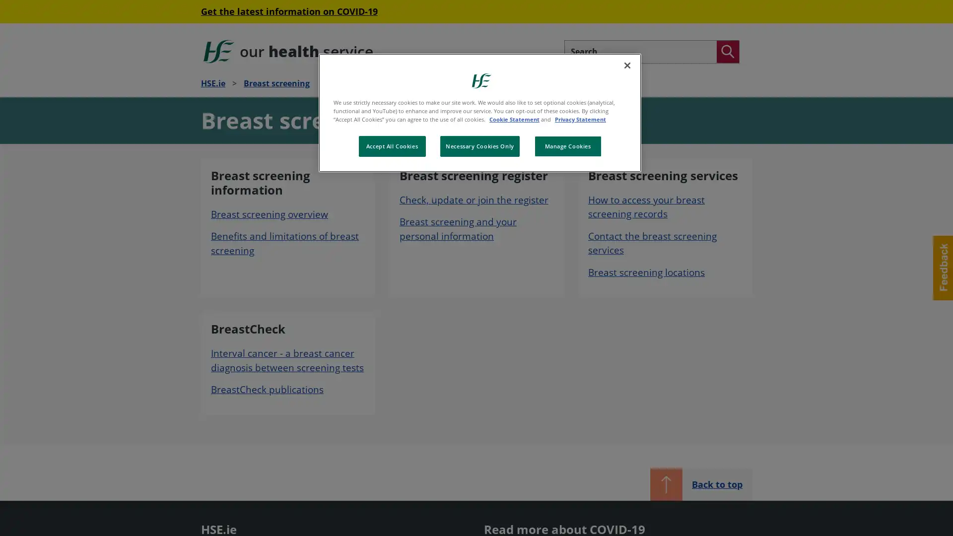  I want to click on Accept All Cookies, so click(391, 146).